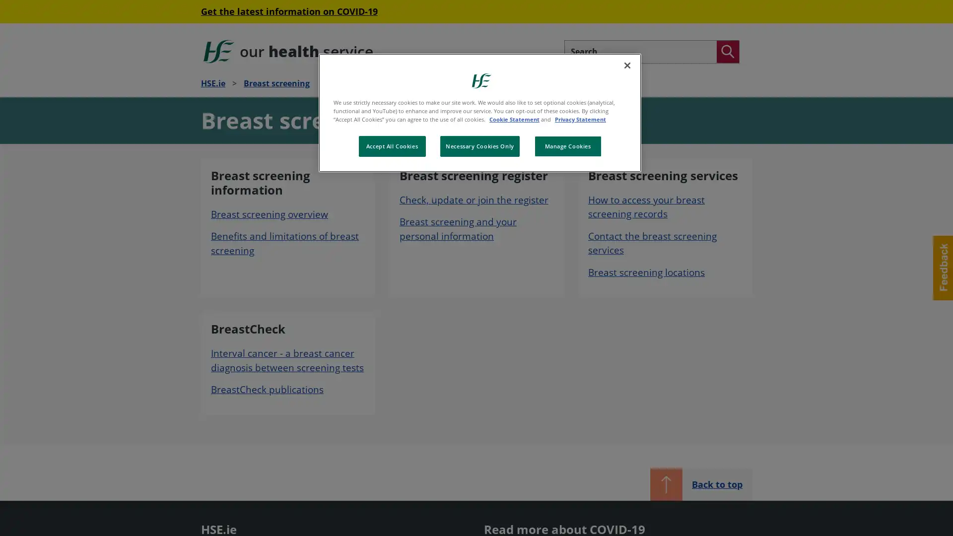  I want to click on Accept All Cookies, so click(391, 146).